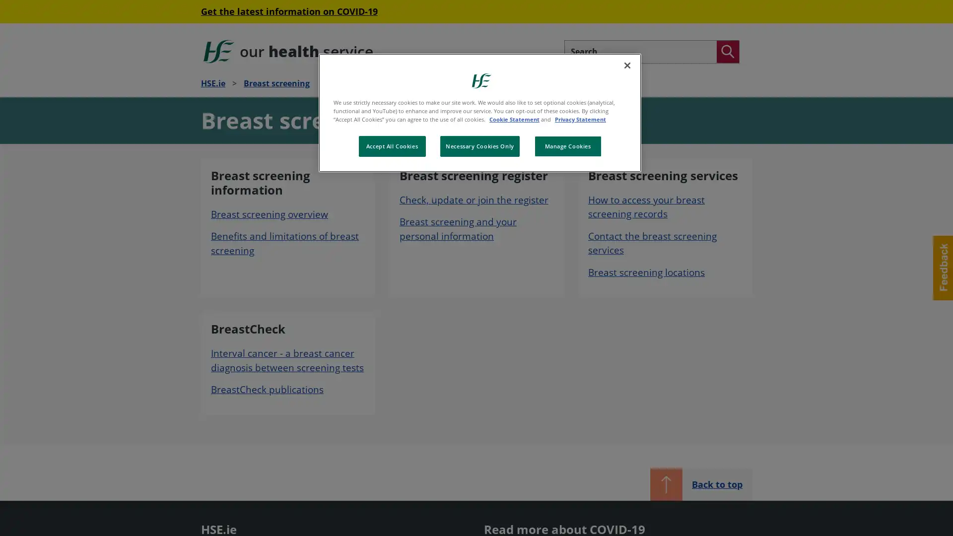  I want to click on Accept All Cookies, so click(391, 146).